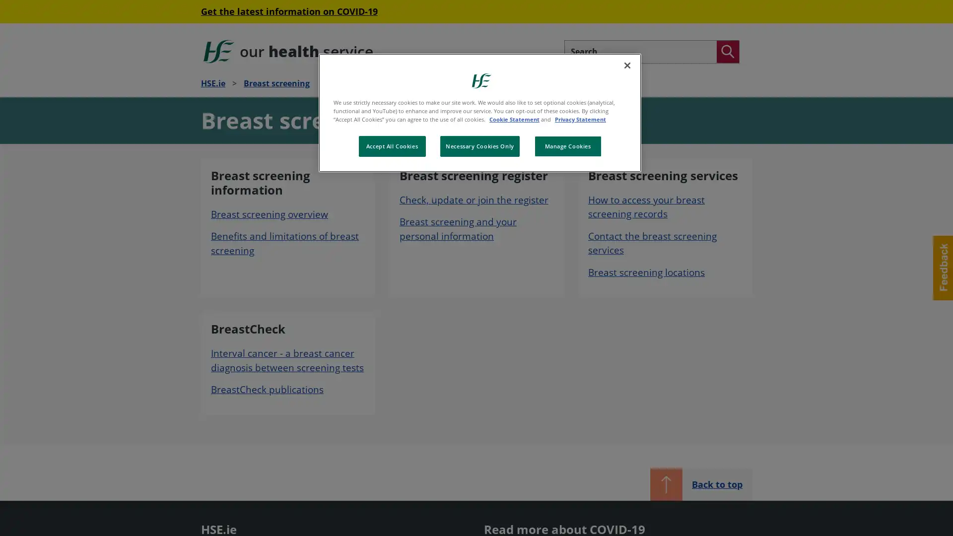  I want to click on Accept All Cookies, so click(391, 146).